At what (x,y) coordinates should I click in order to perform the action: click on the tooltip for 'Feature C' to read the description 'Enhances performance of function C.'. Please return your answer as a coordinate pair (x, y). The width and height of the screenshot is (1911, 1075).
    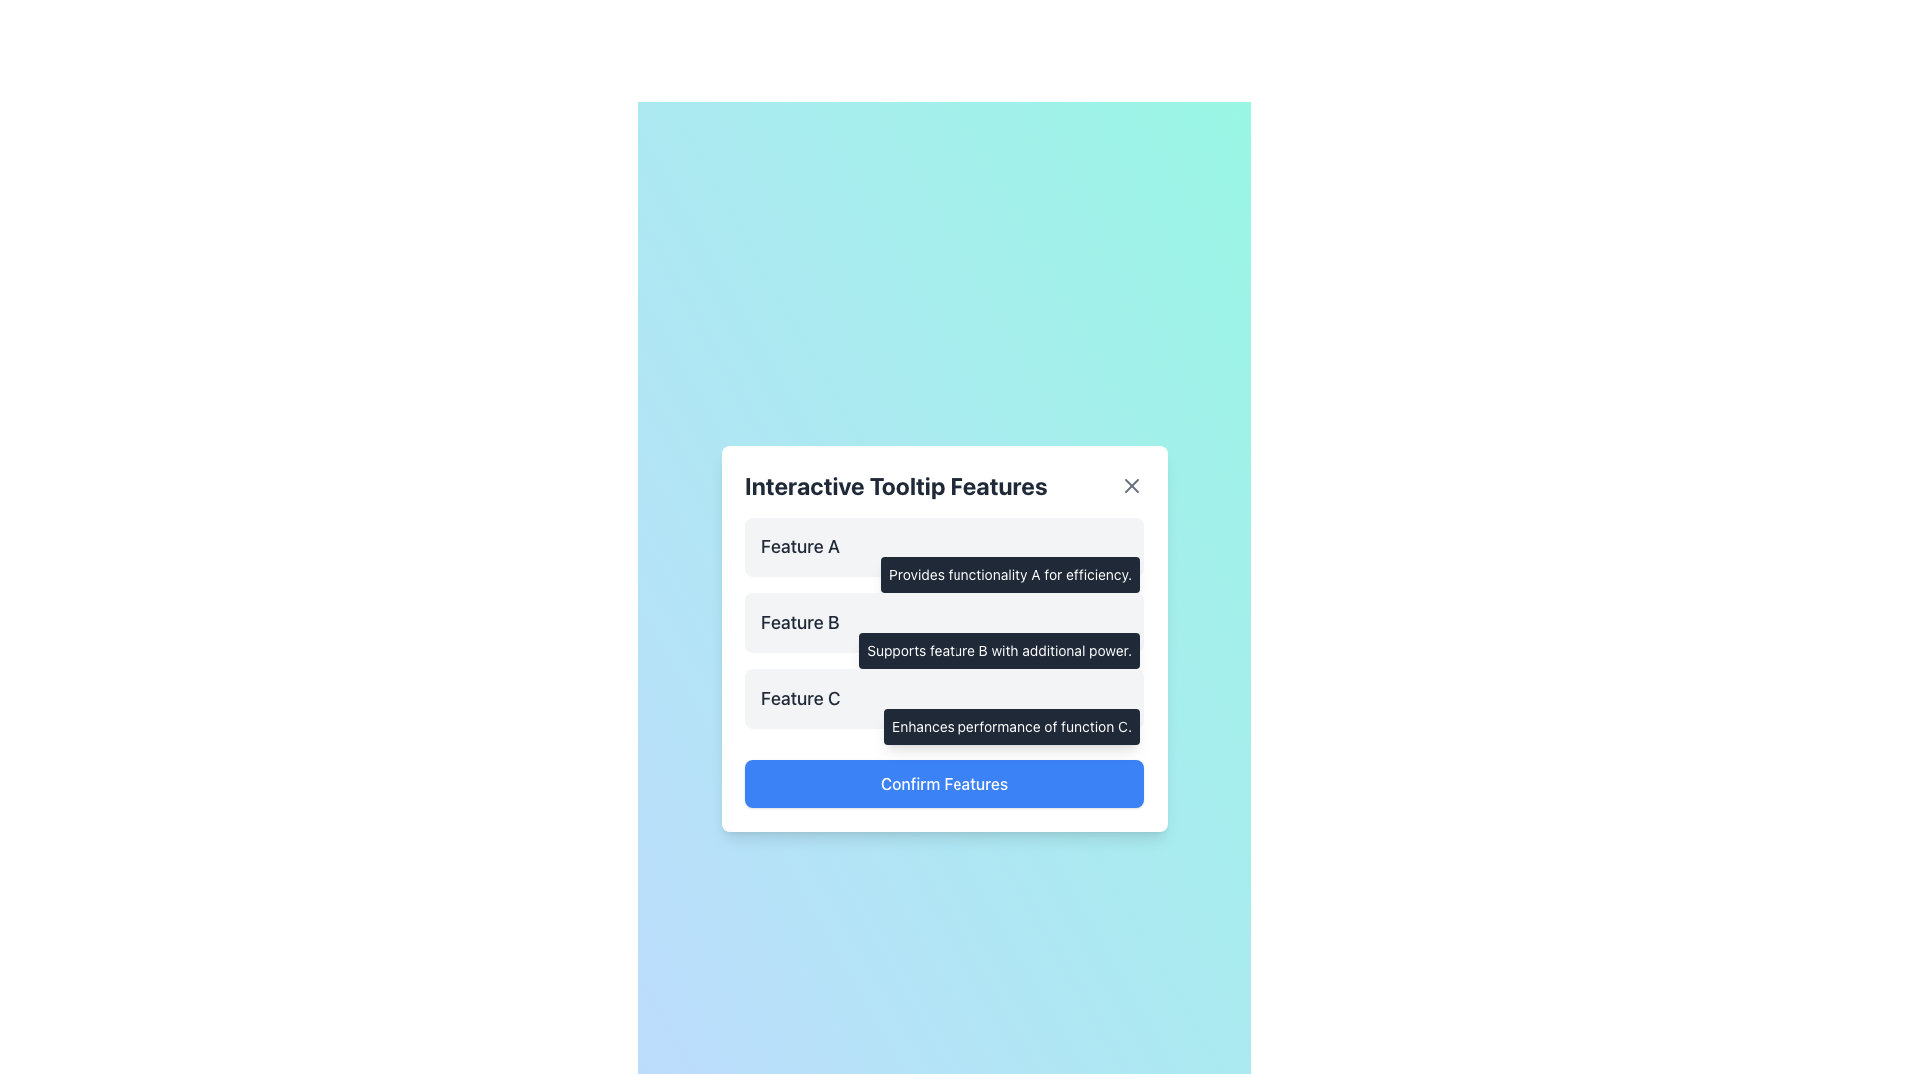
    Looking at the image, I should click on (944, 698).